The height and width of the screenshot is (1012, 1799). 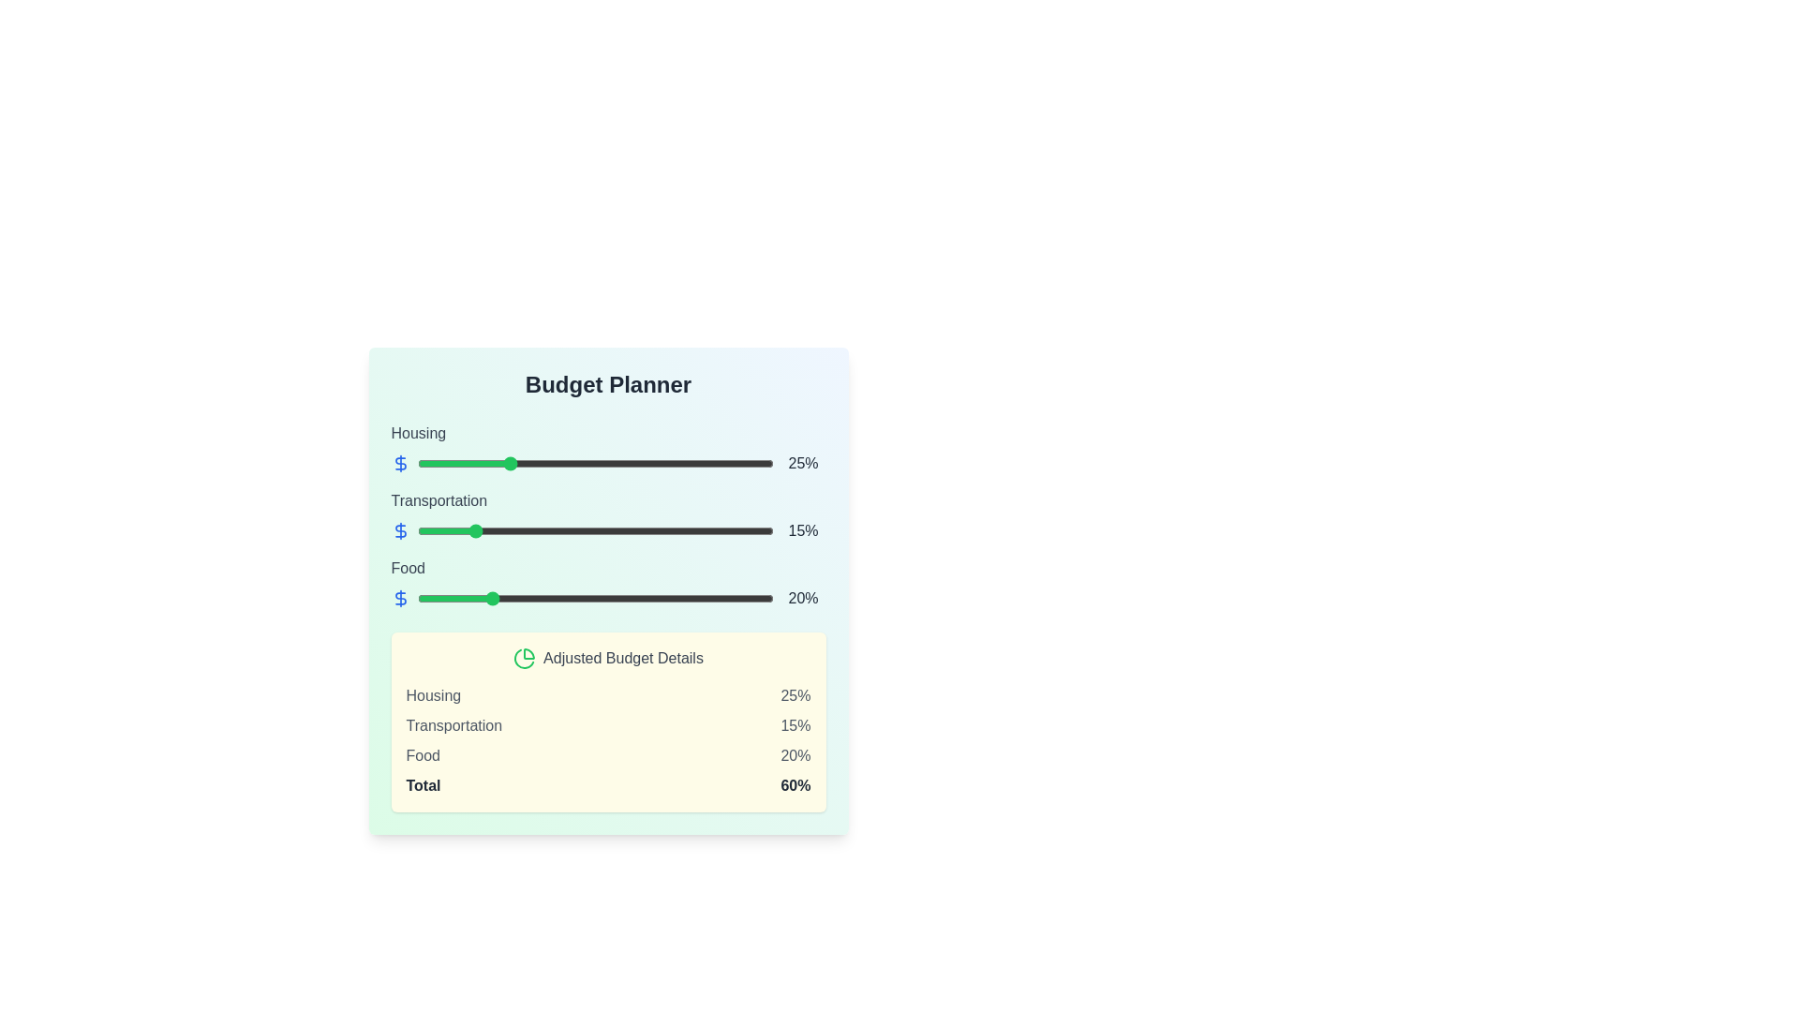 I want to click on the text label that reads 'Adjusted Budget Details' to interact with it, so click(x=623, y=657).